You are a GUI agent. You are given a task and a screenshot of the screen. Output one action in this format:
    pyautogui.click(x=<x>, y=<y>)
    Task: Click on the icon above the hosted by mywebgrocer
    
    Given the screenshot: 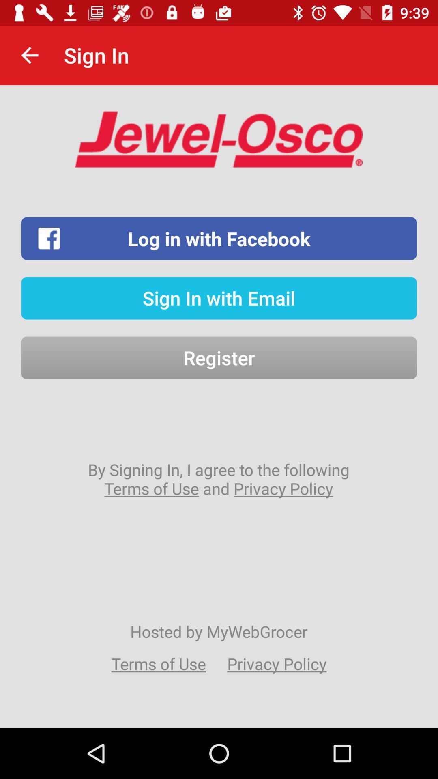 What is the action you would take?
    pyautogui.click(x=218, y=479)
    